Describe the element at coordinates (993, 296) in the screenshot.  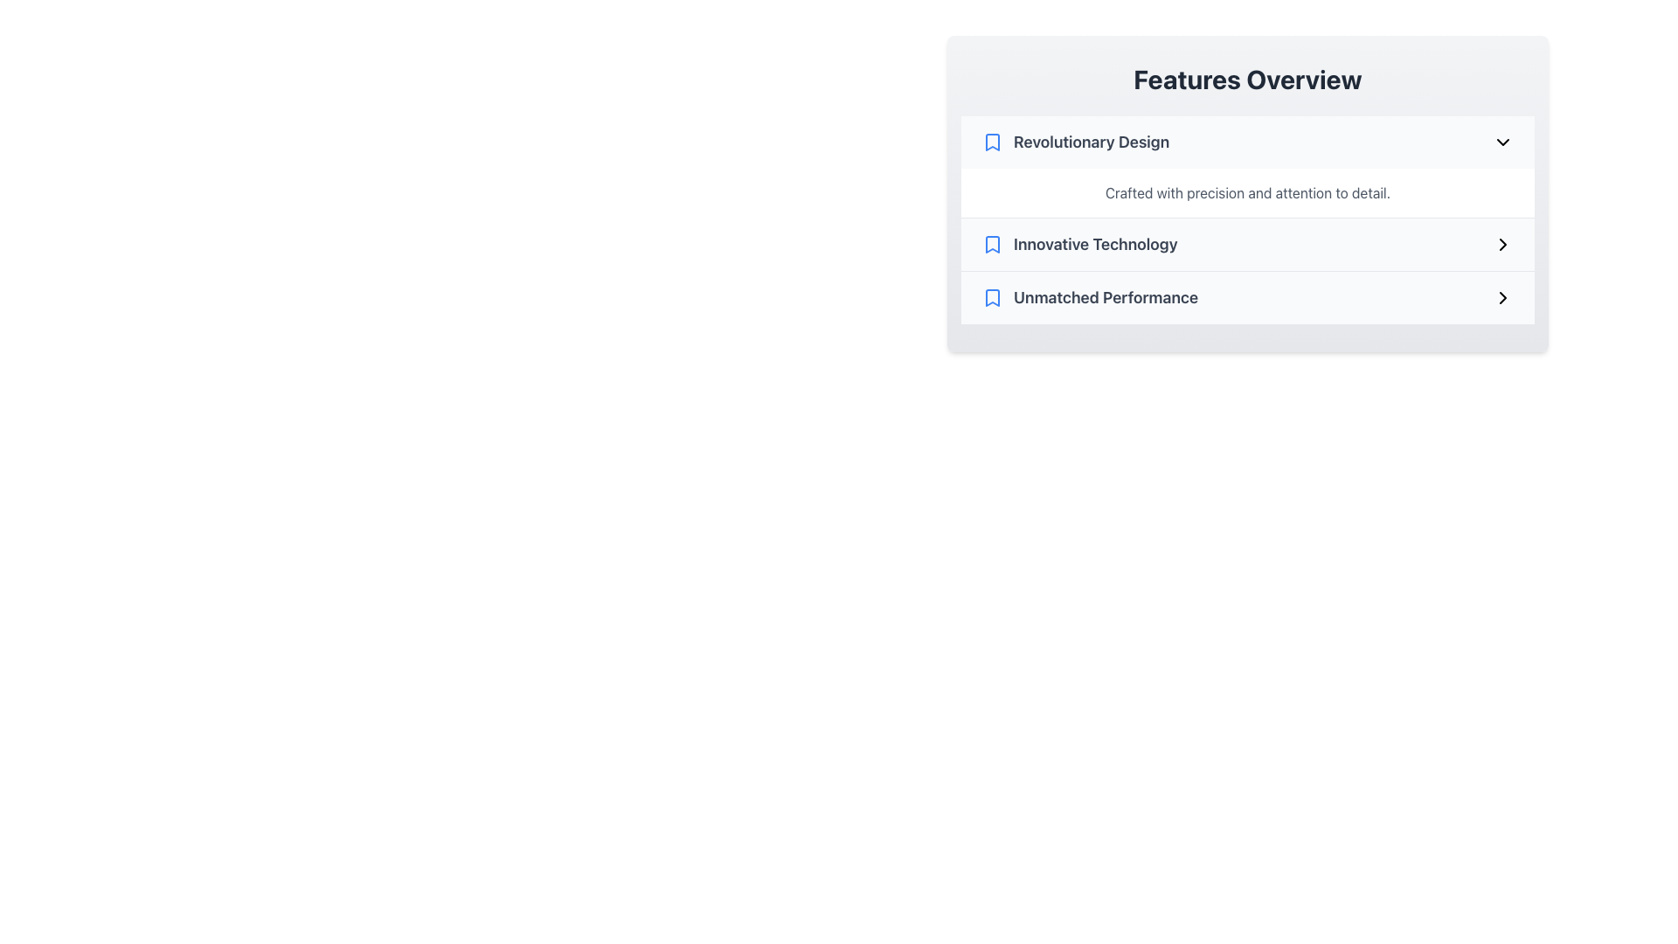
I see `the icon for 'Unmatched Performance' located in the third row of the 'Features Overview' section, positioned left of the text` at that location.